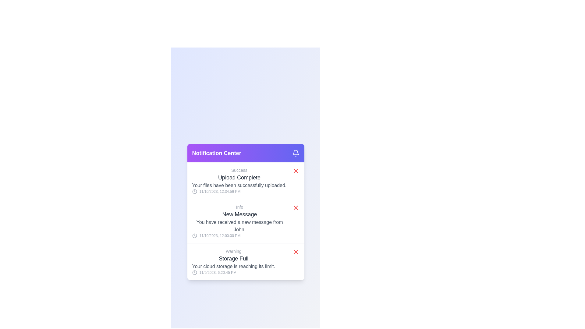 The image size is (585, 329). Describe the element at coordinates (216, 153) in the screenshot. I see `the bold text label reading 'Notification Center' which is styled with a large font size and appears in white against a gradient background` at that location.